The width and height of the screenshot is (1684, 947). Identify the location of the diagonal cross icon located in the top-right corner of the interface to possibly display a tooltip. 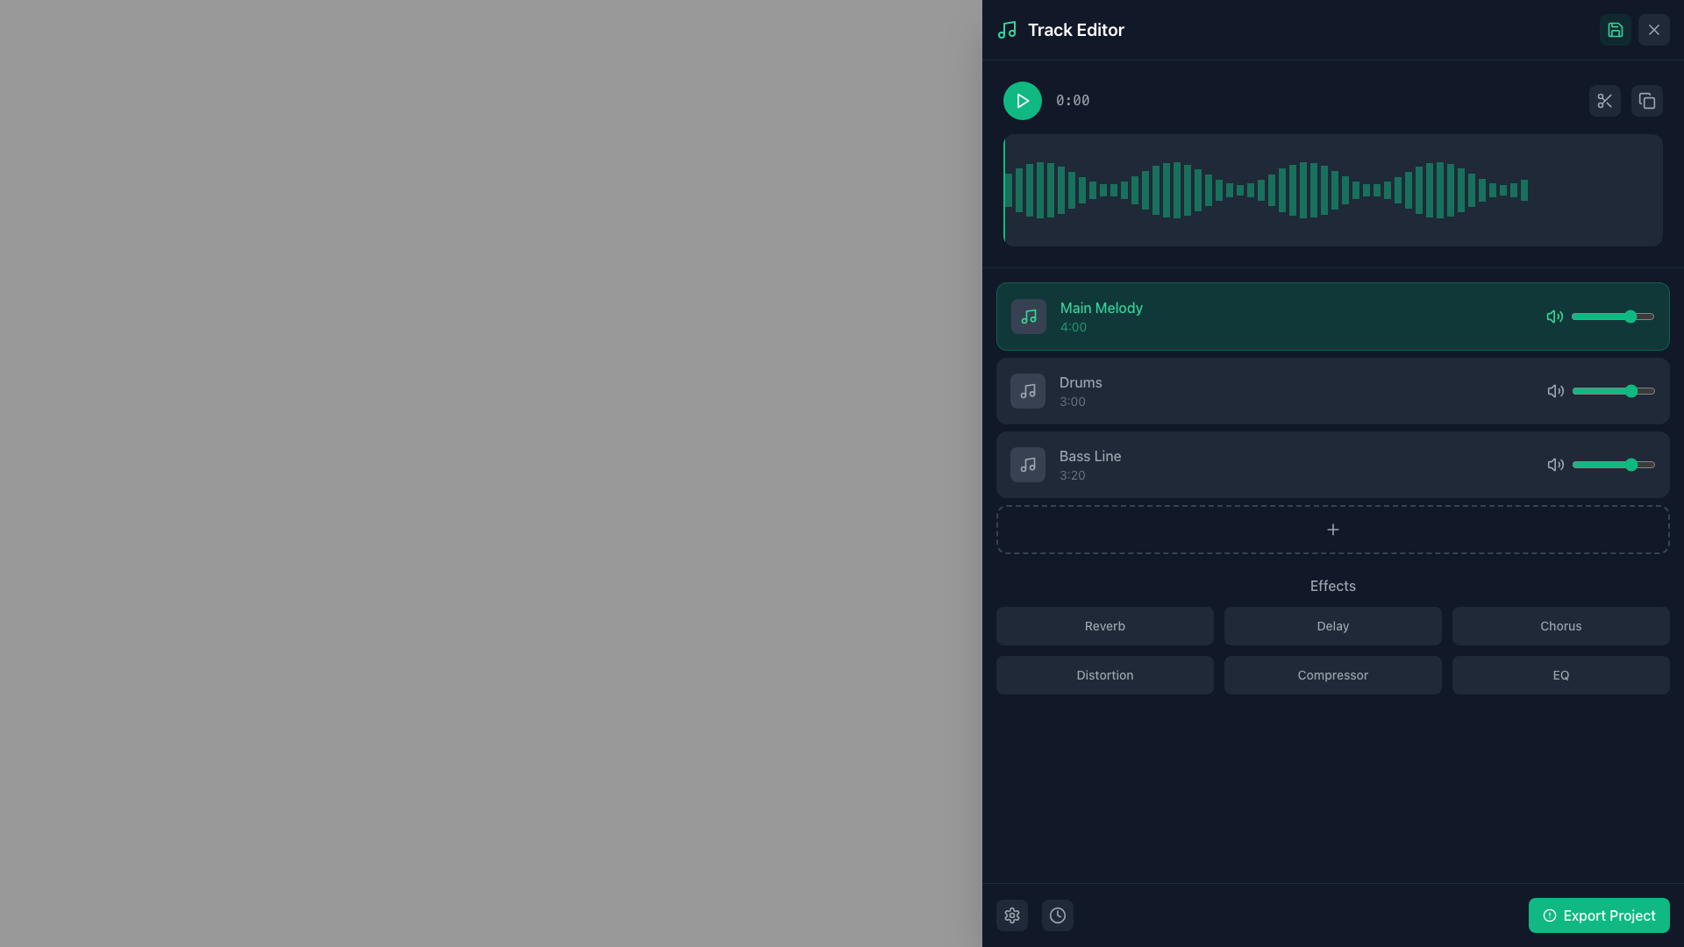
(1653, 30).